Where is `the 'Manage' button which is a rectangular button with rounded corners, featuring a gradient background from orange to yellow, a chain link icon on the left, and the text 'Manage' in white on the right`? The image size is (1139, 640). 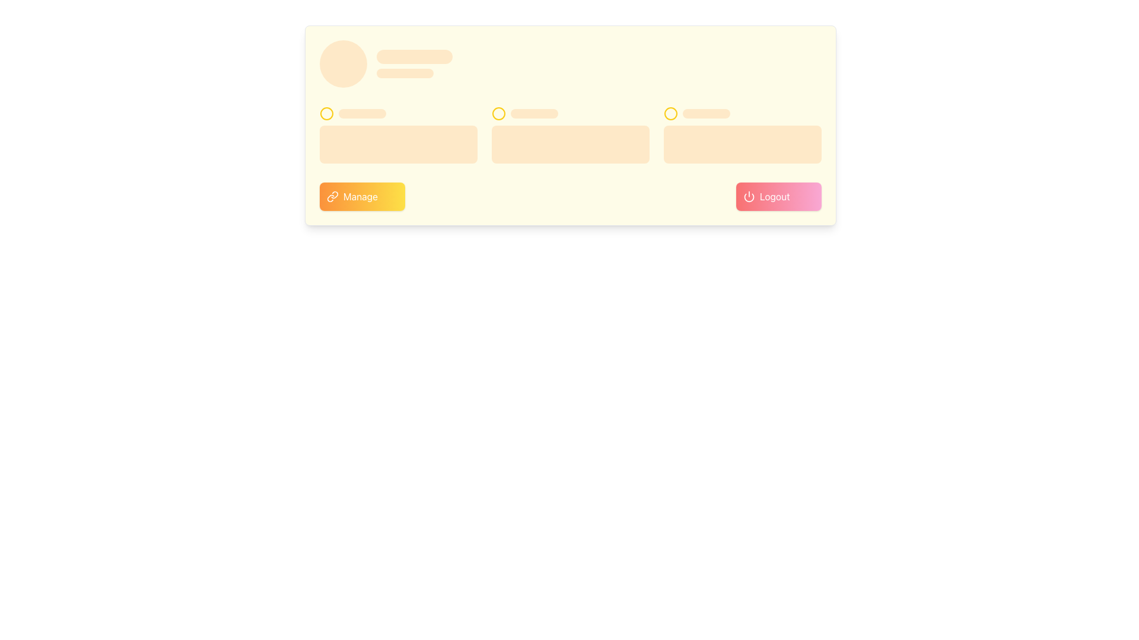
the 'Manage' button which is a rectangular button with rounded corners, featuring a gradient background from orange to yellow, a chain link icon on the left, and the text 'Manage' in white on the right is located at coordinates (361, 196).